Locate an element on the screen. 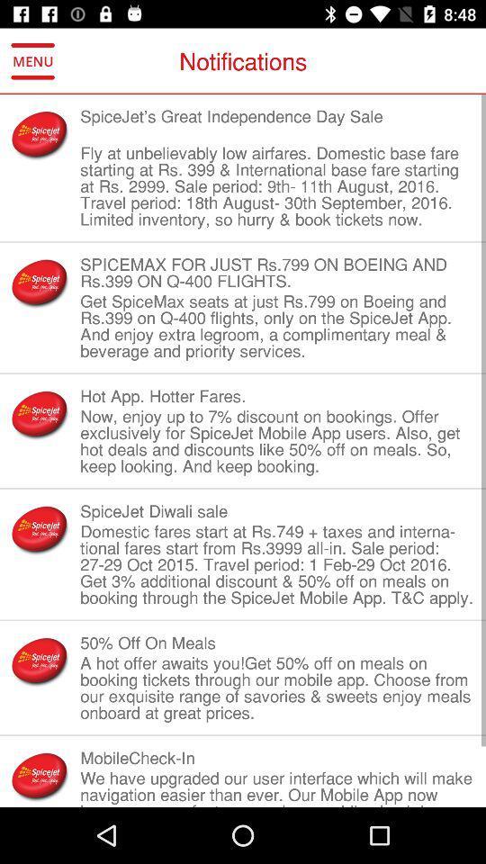 The height and width of the screenshot is (864, 486). the item above domestic fares start item is located at coordinates (277, 511).